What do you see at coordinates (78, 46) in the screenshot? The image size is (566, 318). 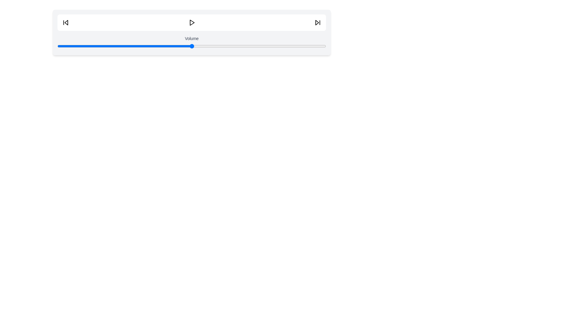 I see `the volume level` at bounding box center [78, 46].